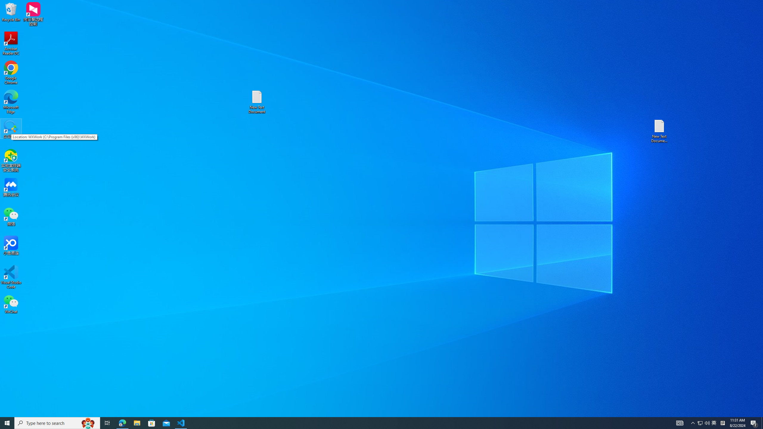 The height and width of the screenshot is (429, 763). What do you see at coordinates (11, 276) in the screenshot?
I see `'Visual Studio Code'` at bounding box center [11, 276].